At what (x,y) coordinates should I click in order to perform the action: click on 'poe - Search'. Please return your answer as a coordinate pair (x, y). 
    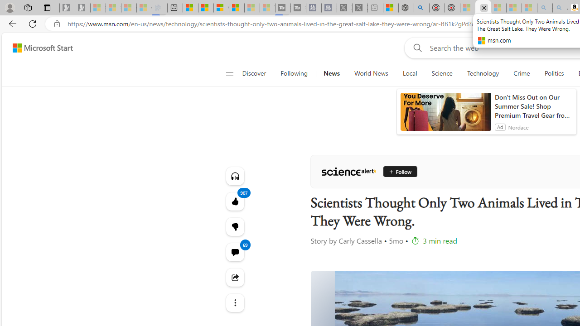
    Looking at the image, I should click on (421, 8).